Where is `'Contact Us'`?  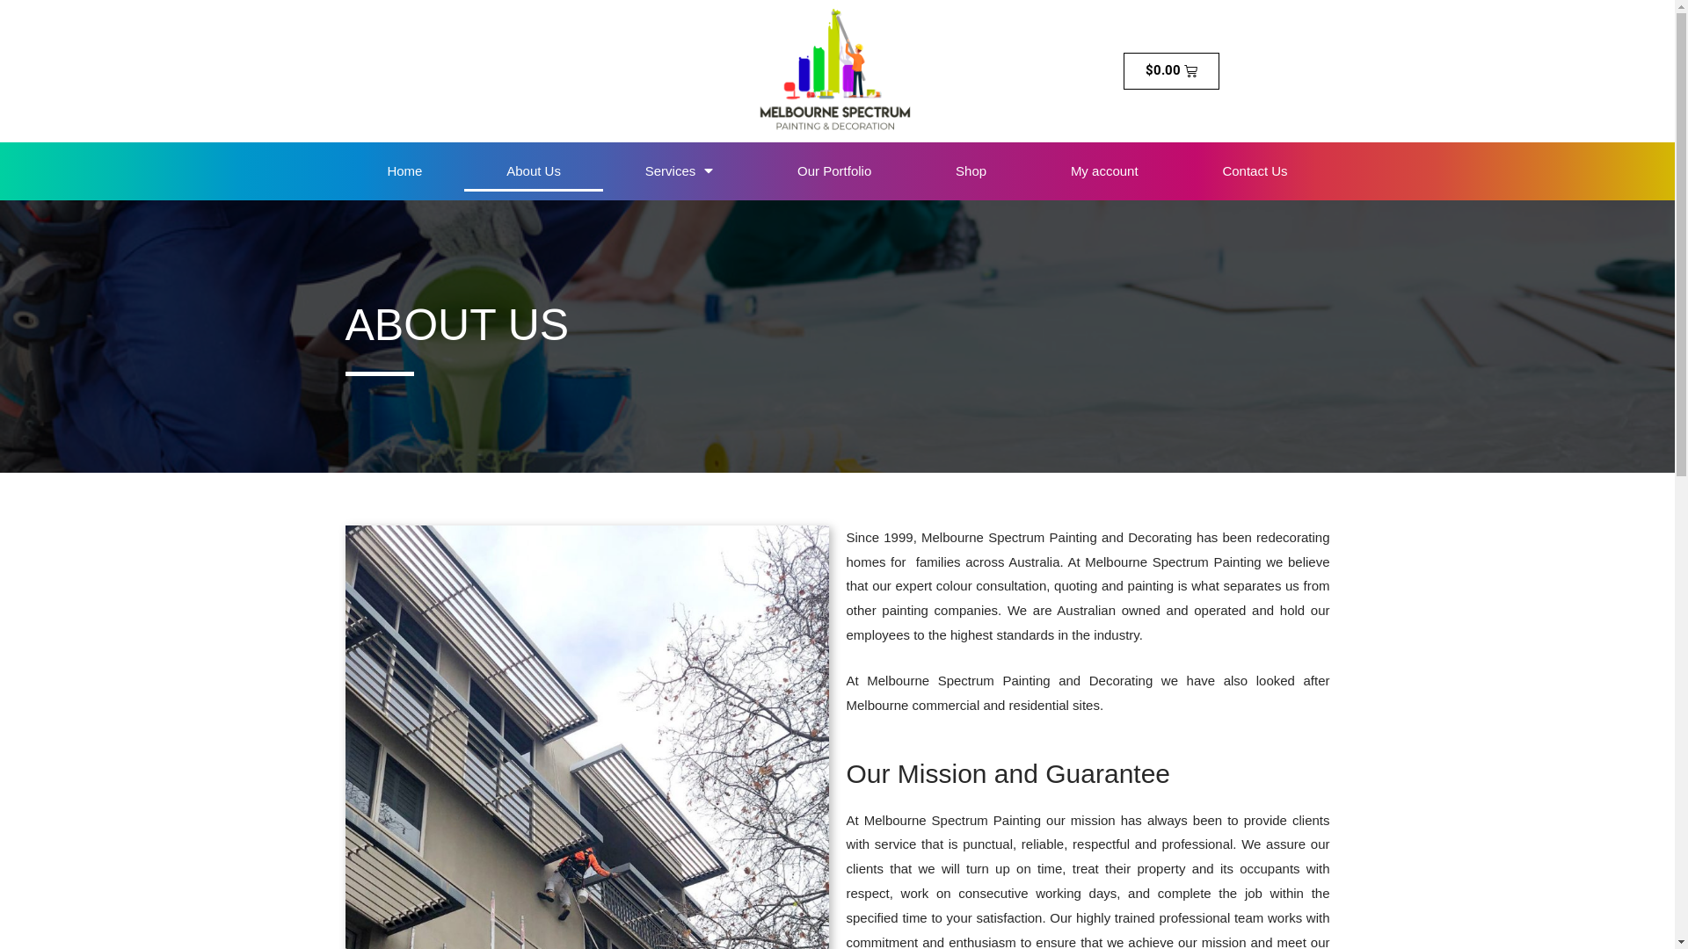
'Contact Us' is located at coordinates (1253, 171).